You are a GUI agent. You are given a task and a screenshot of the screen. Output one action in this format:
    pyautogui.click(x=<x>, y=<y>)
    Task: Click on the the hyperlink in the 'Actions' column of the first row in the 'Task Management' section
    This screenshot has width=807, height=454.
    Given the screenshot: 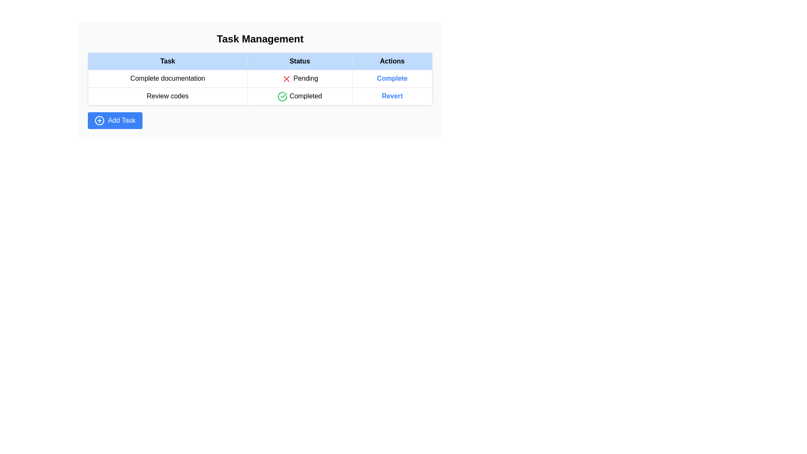 What is the action you would take?
    pyautogui.click(x=392, y=79)
    